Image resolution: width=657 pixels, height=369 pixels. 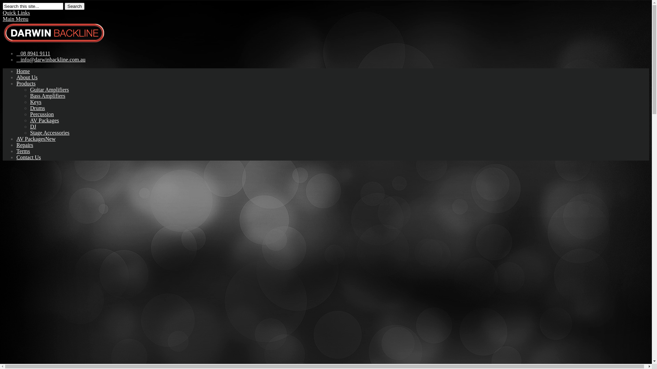 What do you see at coordinates (33, 126) in the screenshot?
I see `'DJ'` at bounding box center [33, 126].